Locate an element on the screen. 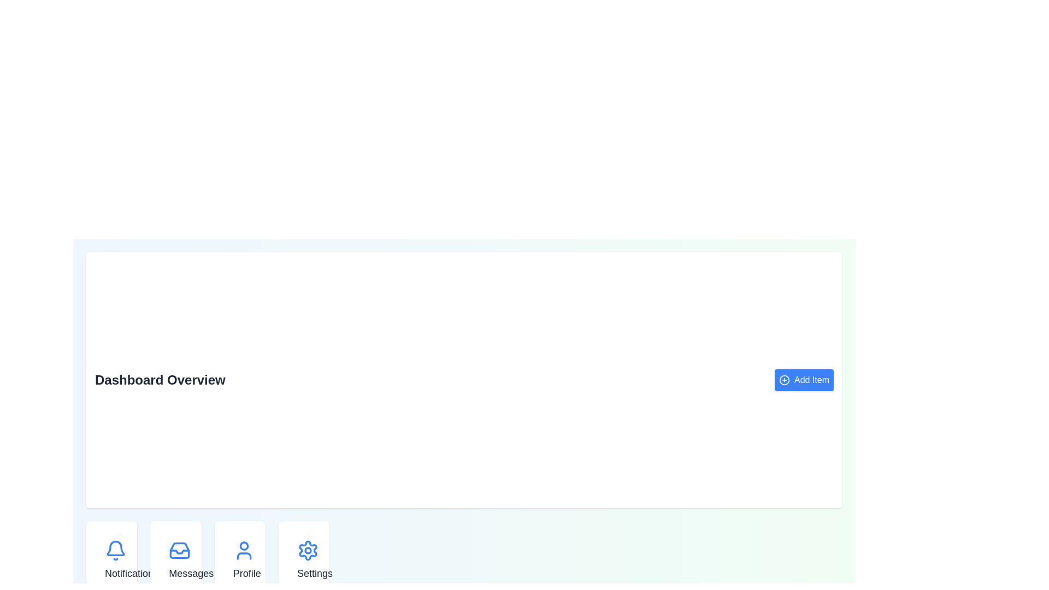 This screenshot has height=590, width=1049. the 'Add Item' button which contains a circular plus icon is located at coordinates (783, 379).